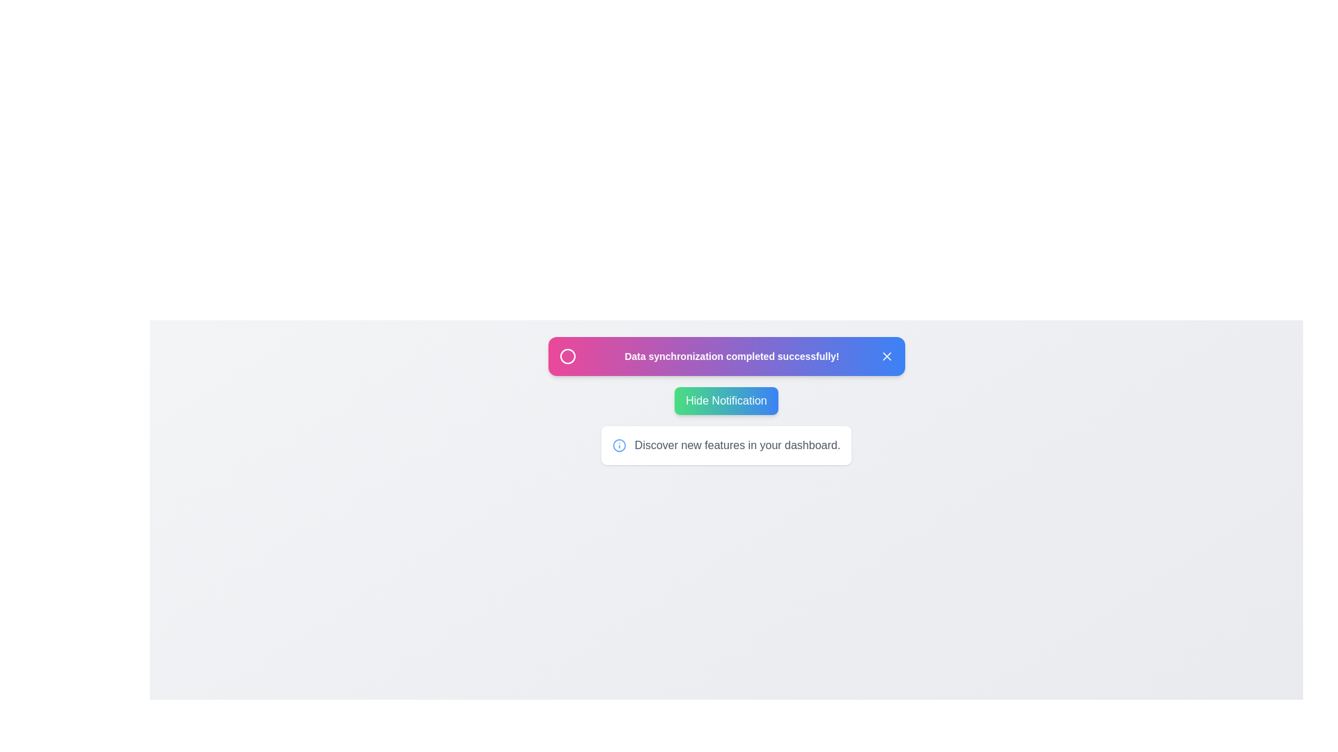 Image resolution: width=1338 pixels, height=752 pixels. What do you see at coordinates (725, 400) in the screenshot?
I see `the 'Hide Notification' button to toggle the visibility of the notification panel` at bounding box center [725, 400].